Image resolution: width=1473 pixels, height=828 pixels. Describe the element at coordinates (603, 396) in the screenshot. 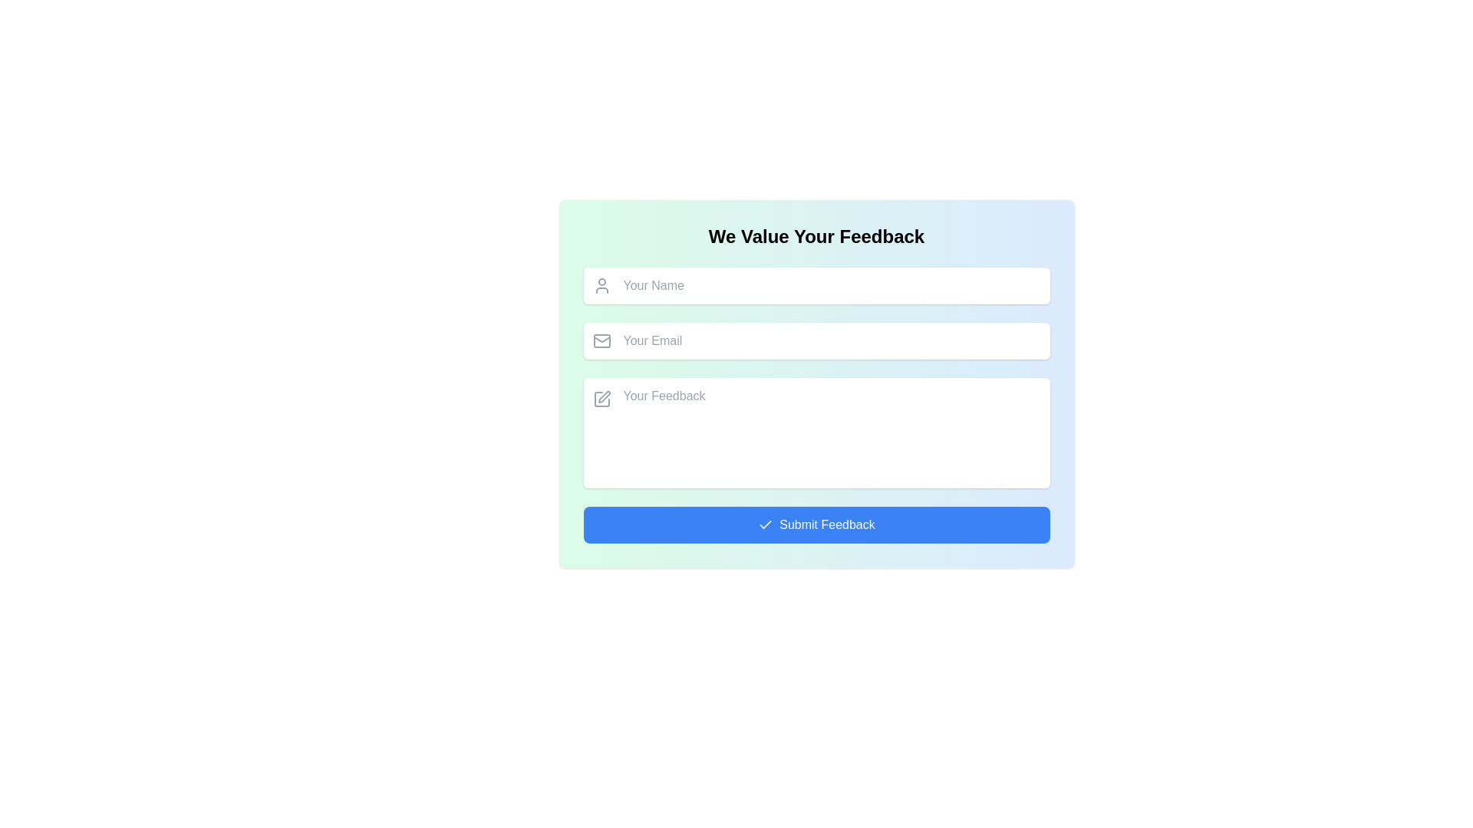

I see `the icon for editing or writing feedback in the 'Your Feedback' input field, which is positioned to the left side of the input box` at that location.